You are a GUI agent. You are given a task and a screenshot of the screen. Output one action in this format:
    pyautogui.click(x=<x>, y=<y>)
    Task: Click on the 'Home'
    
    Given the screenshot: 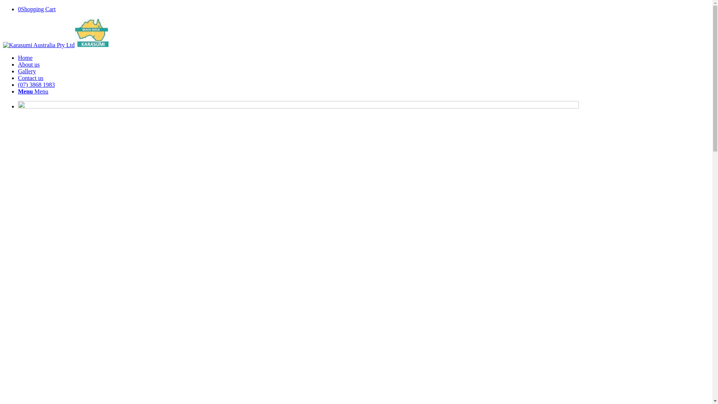 What is the action you would take?
    pyautogui.click(x=25, y=57)
    